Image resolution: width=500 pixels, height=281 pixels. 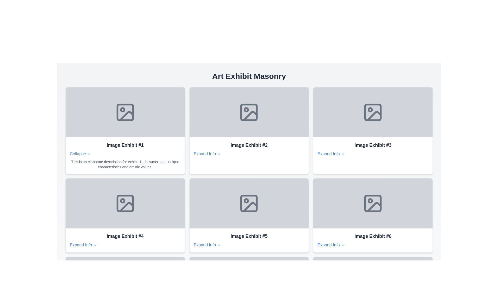 What do you see at coordinates (125, 112) in the screenshot?
I see `the icon that serves as a visual placeholder for an image, located in the first exhibit box above the textual label 'Image Exhibit #1'` at bounding box center [125, 112].